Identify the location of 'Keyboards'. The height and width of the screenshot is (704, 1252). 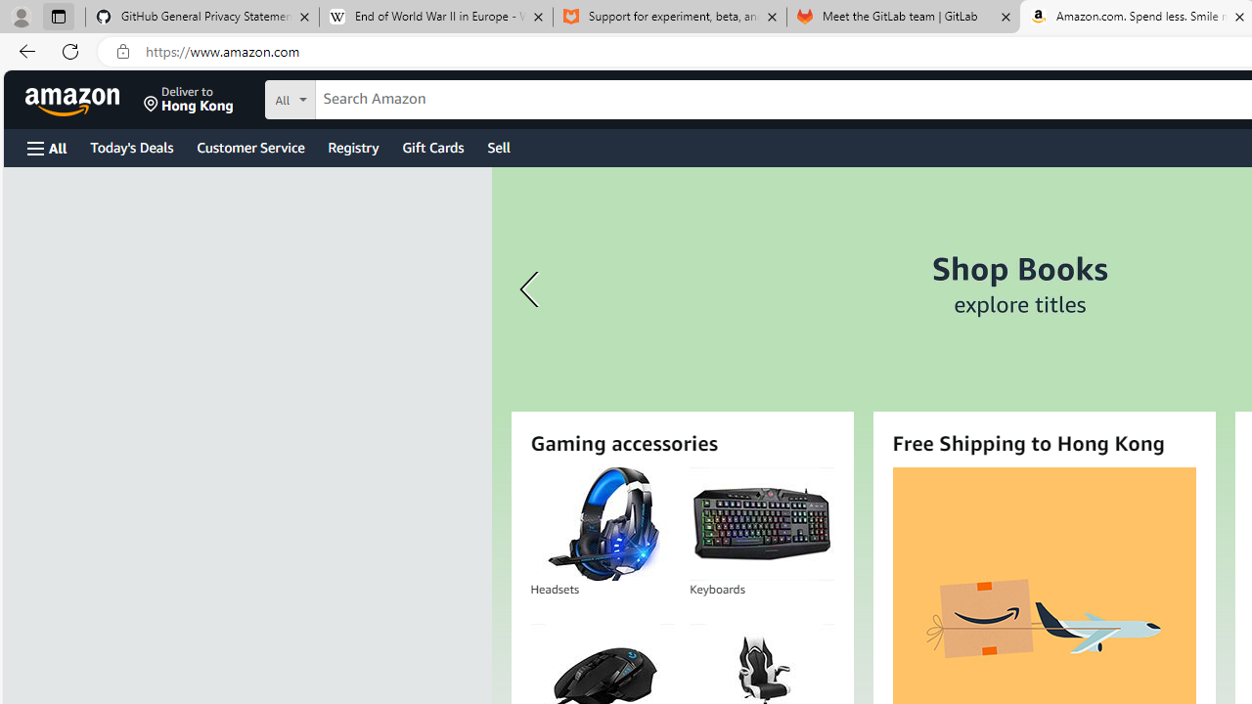
(760, 523).